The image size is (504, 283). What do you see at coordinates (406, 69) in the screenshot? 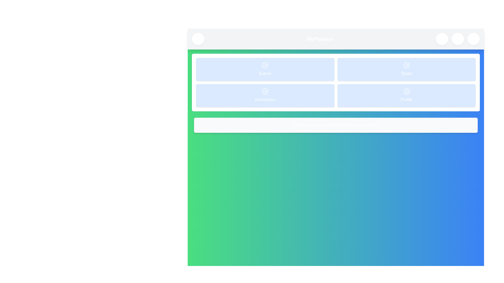
I see `the 'Tasks' button to navigate to the Tasks section` at bounding box center [406, 69].